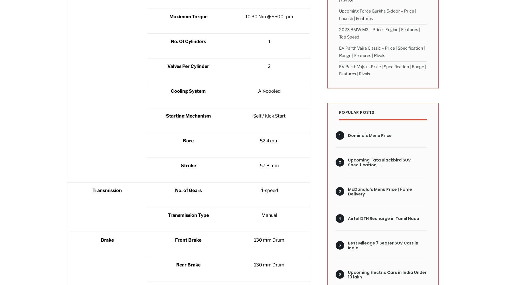  What do you see at coordinates (383, 245) in the screenshot?
I see `'Best Mileage 7 Seater SUV Cars in India'` at bounding box center [383, 245].